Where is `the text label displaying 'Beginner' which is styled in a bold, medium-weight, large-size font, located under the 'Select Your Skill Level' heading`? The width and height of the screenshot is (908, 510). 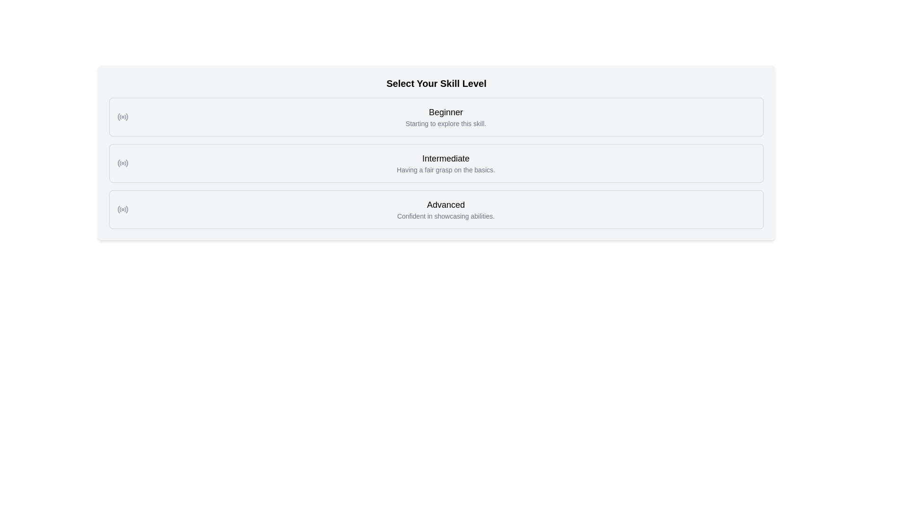
the text label displaying 'Beginner' which is styled in a bold, medium-weight, large-size font, located under the 'Select Your Skill Level' heading is located at coordinates (445, 112).